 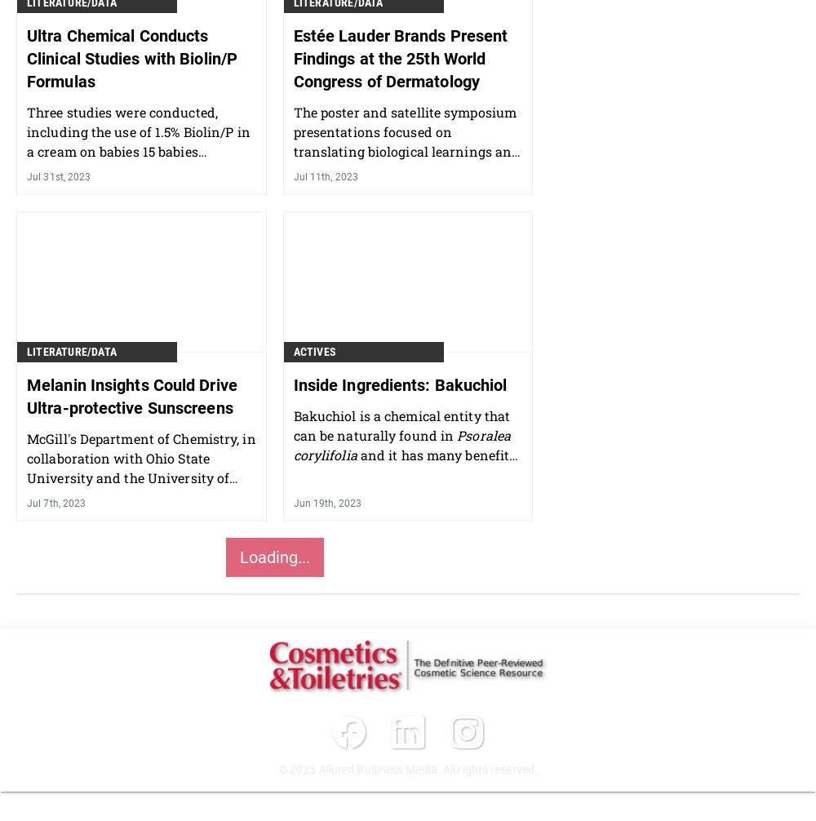 What do you see at coordinates (403, 464) in the screenshot?
I see `'and it has many benefits for skin.'` at bounding box center [403, 464].